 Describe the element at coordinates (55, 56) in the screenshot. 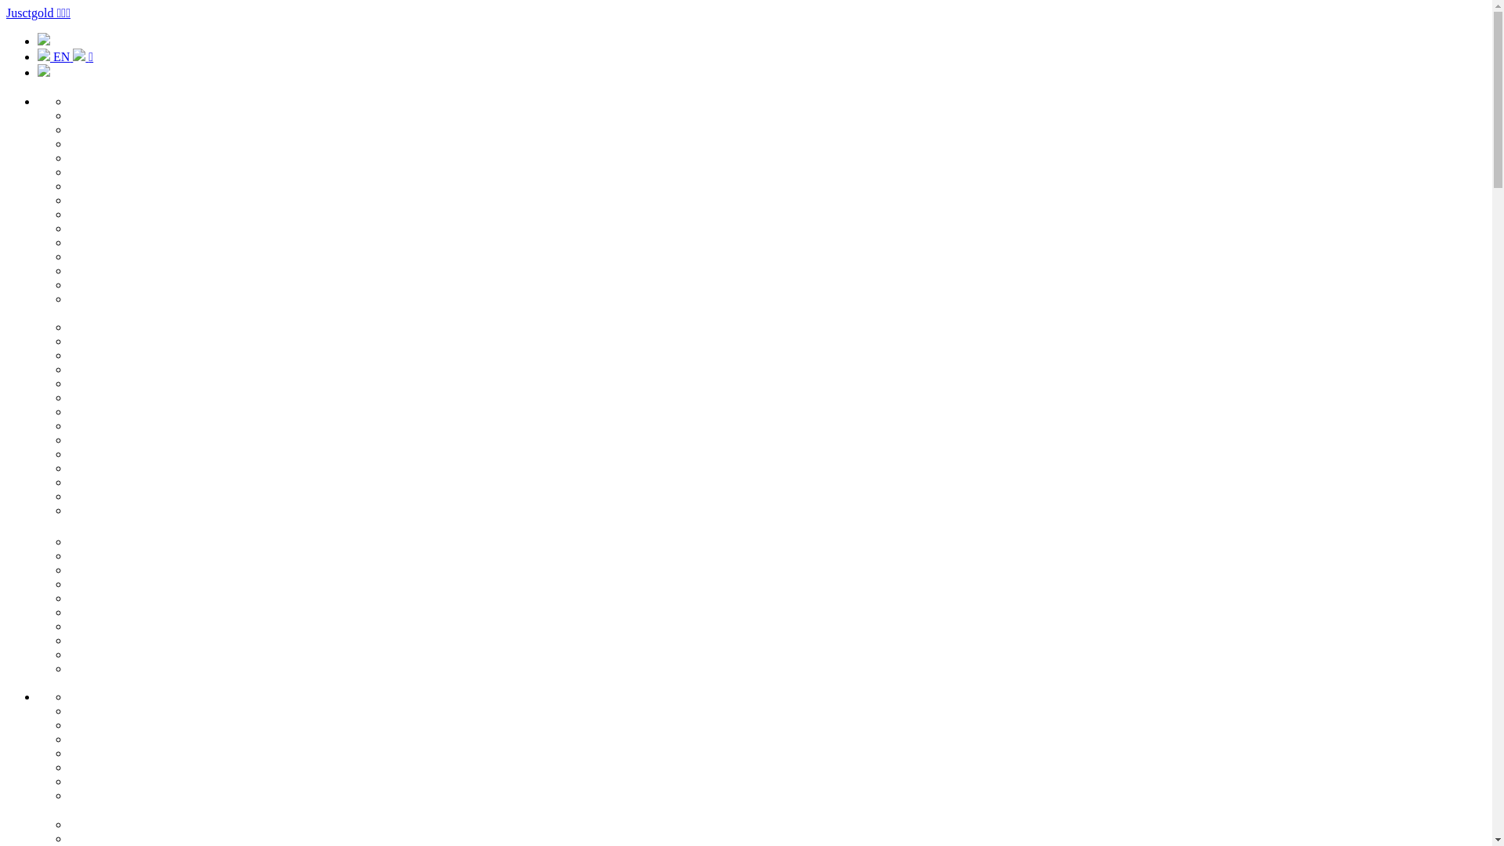

I see `'EN'` at that location.